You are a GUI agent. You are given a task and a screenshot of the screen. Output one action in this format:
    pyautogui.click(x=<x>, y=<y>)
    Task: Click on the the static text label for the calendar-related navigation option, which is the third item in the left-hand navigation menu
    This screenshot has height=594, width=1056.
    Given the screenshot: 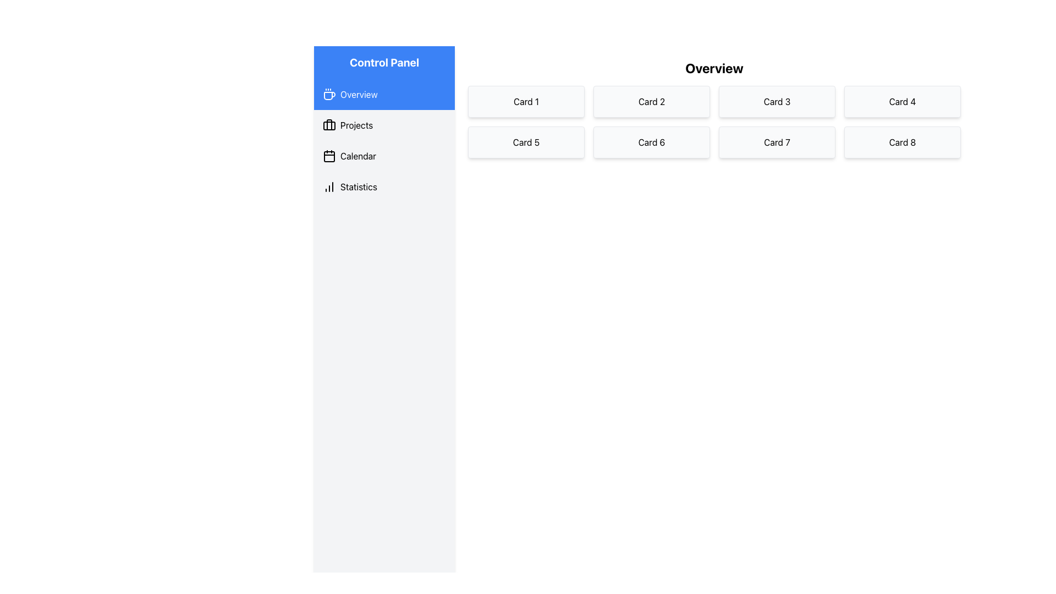 What is the action you would take?
    pyautogui.click(x=358, y=156)
    